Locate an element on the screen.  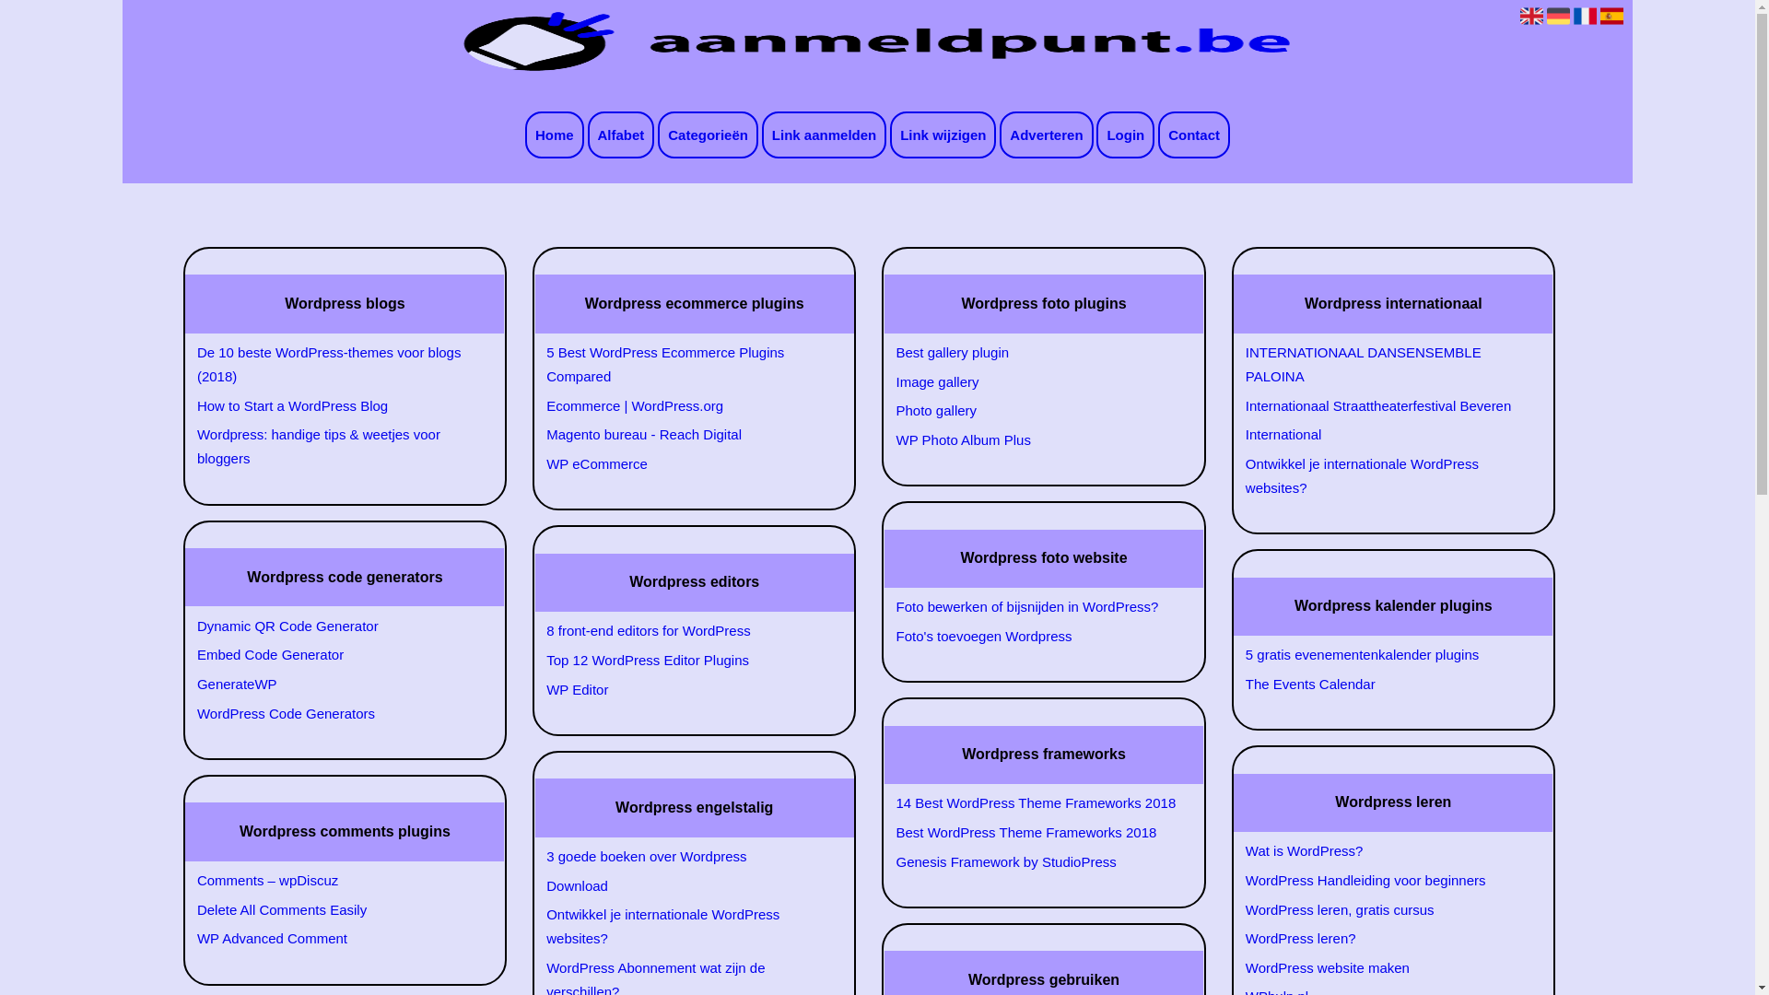
'5 Best WordPress Ecommerce Plugins Compared' is located at coordinates (535, 365).